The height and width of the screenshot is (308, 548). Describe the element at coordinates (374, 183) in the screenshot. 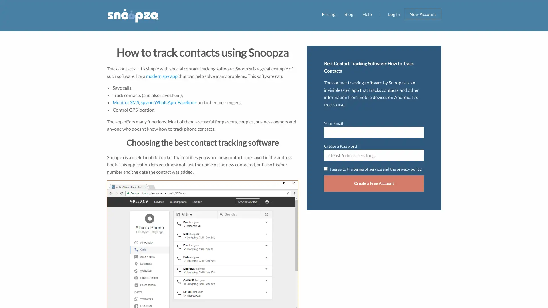

I see `Create a Free Account` at that location.